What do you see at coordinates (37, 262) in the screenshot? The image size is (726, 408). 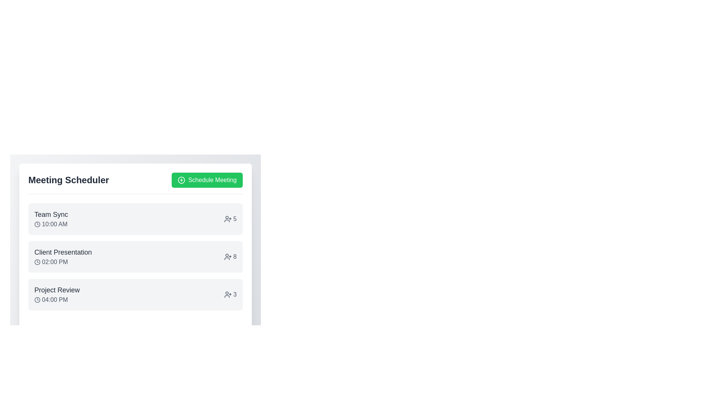 I see `the smaller circle of the clock icon located to the left of the text '02:00 PM' by moving the cursor to its center point` at bounding box center [37, 262].